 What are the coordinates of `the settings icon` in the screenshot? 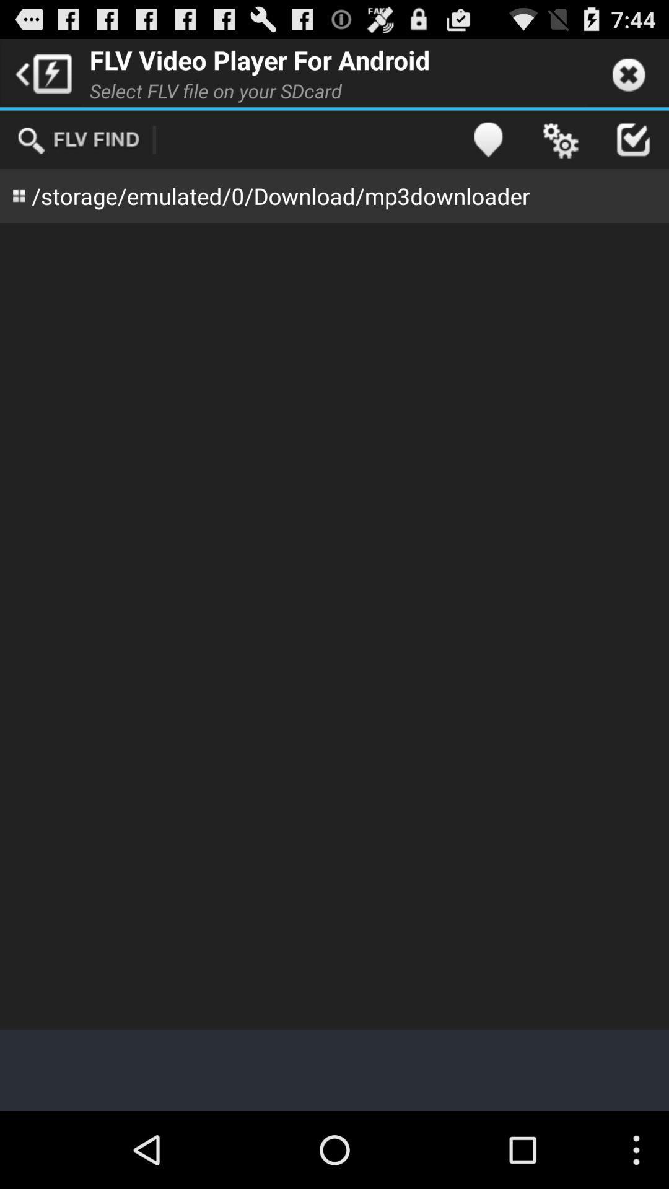 It's located at (560, 149).